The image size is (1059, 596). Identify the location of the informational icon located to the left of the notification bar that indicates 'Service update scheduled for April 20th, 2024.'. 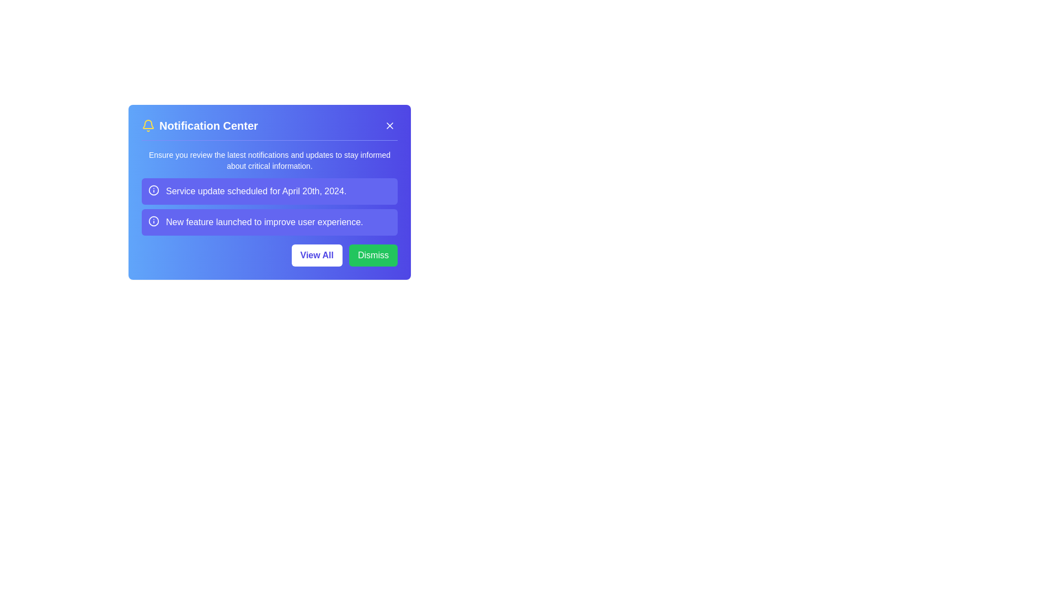
(153, 189).